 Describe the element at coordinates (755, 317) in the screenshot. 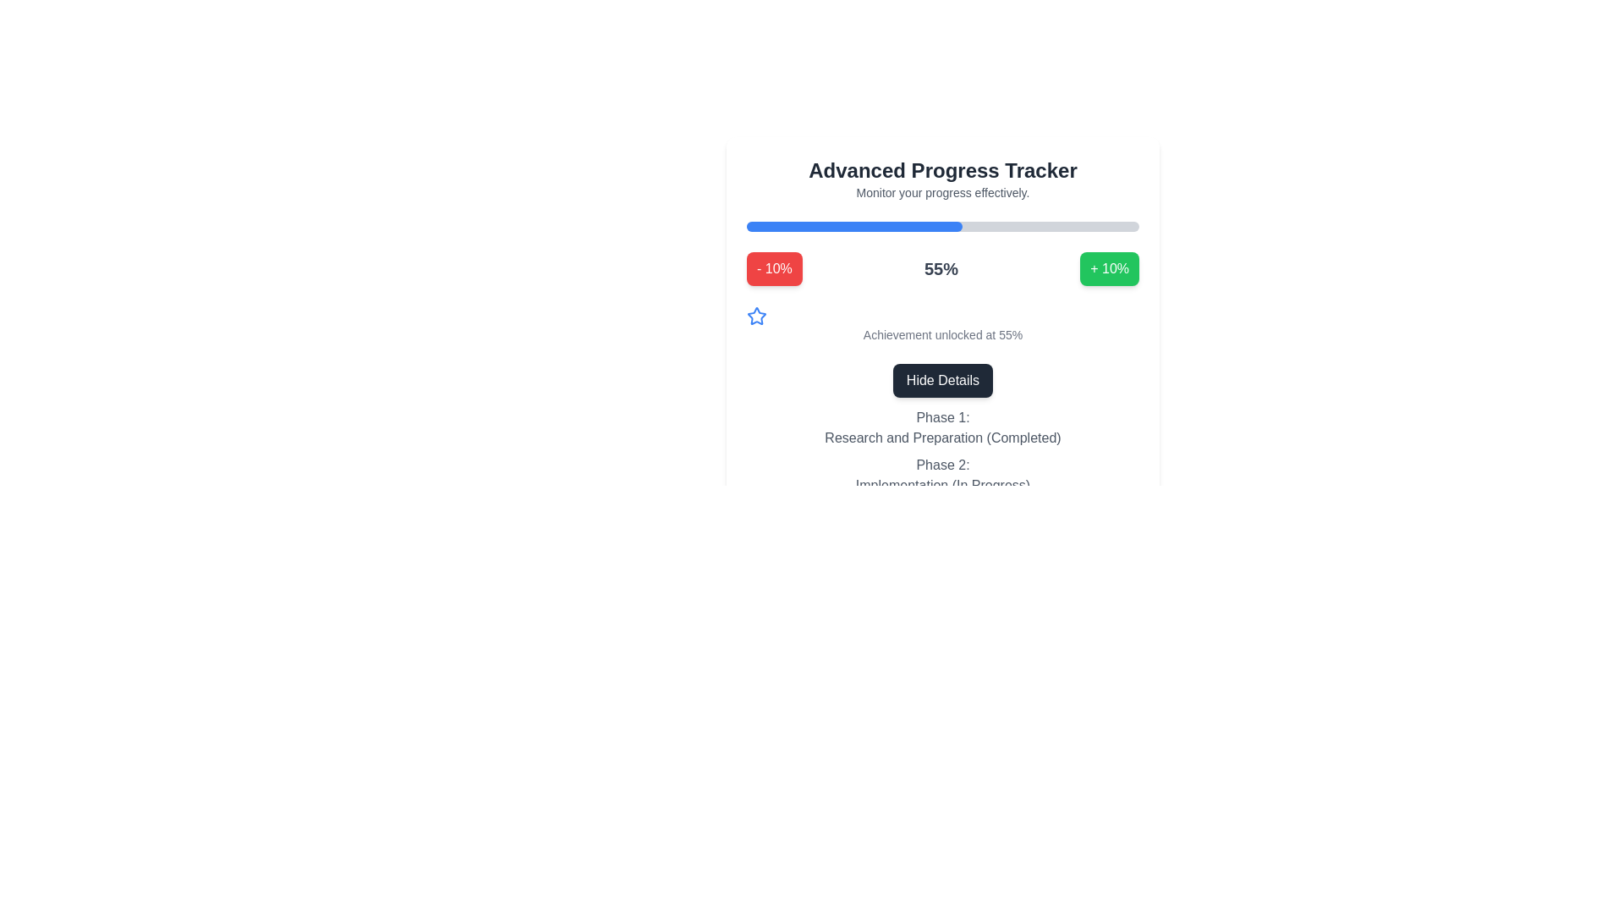

I see `the blue outlined star icon with rounded edges located in the achievements section below the progress bar, which is the leftmost icon within the 'Achievements unlocked at 55%' section` at that location.